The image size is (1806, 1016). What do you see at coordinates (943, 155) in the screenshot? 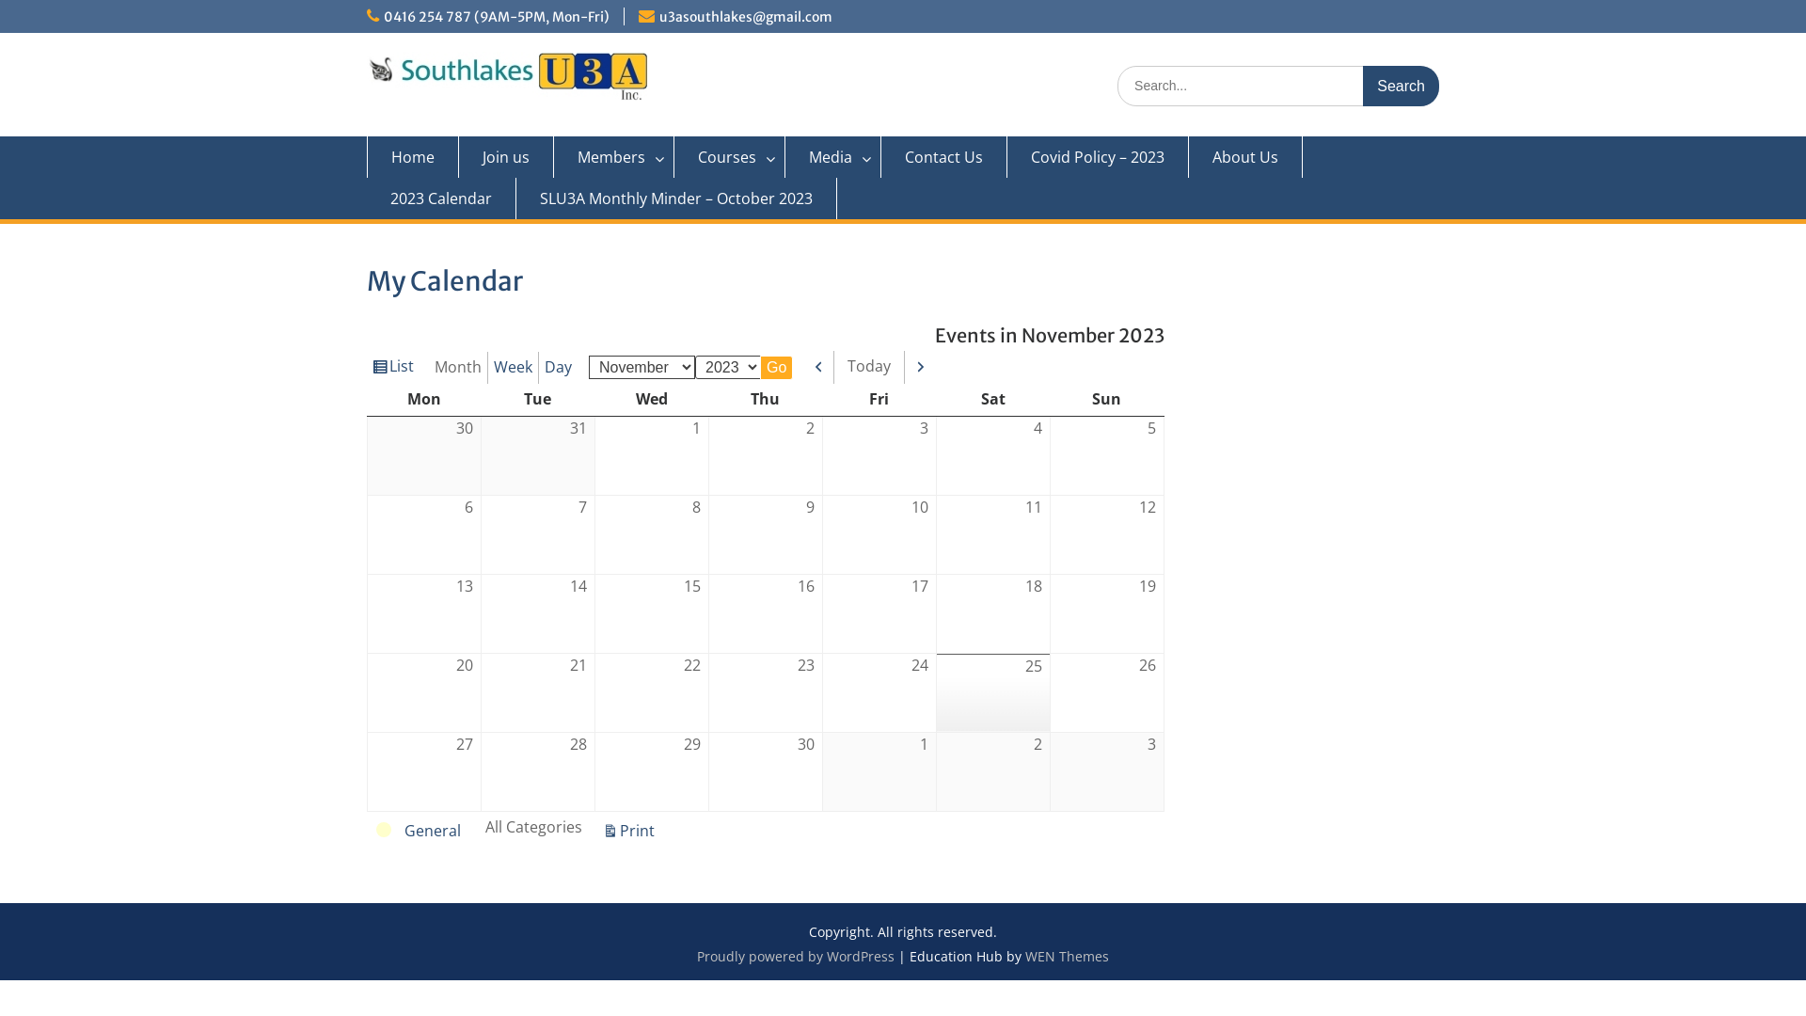
I see `'Contact Us'` at bounding box center [943, 155].